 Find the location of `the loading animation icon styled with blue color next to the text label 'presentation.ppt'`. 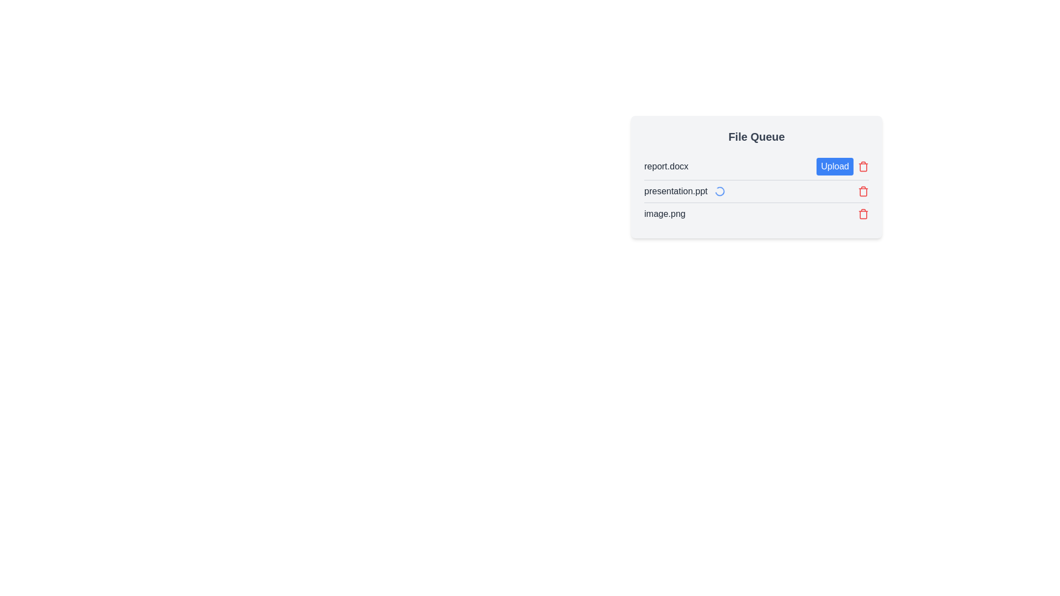

the loading animation icon styled with blue color next to the text label 'presentation.ppt' is located at coordinates (719, 191).